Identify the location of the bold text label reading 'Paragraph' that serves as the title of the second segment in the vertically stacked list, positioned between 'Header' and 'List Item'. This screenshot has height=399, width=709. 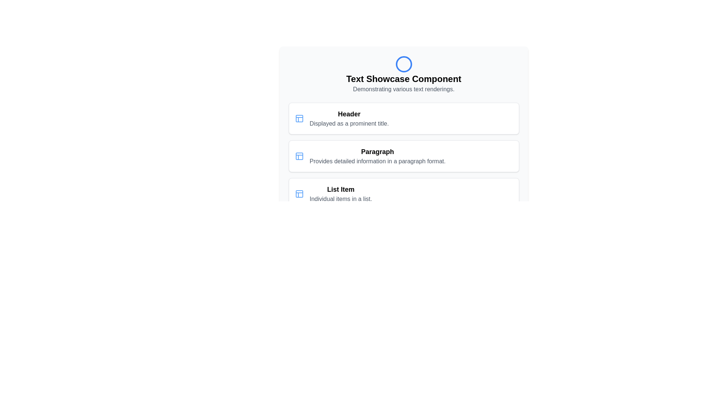
(377, 151).